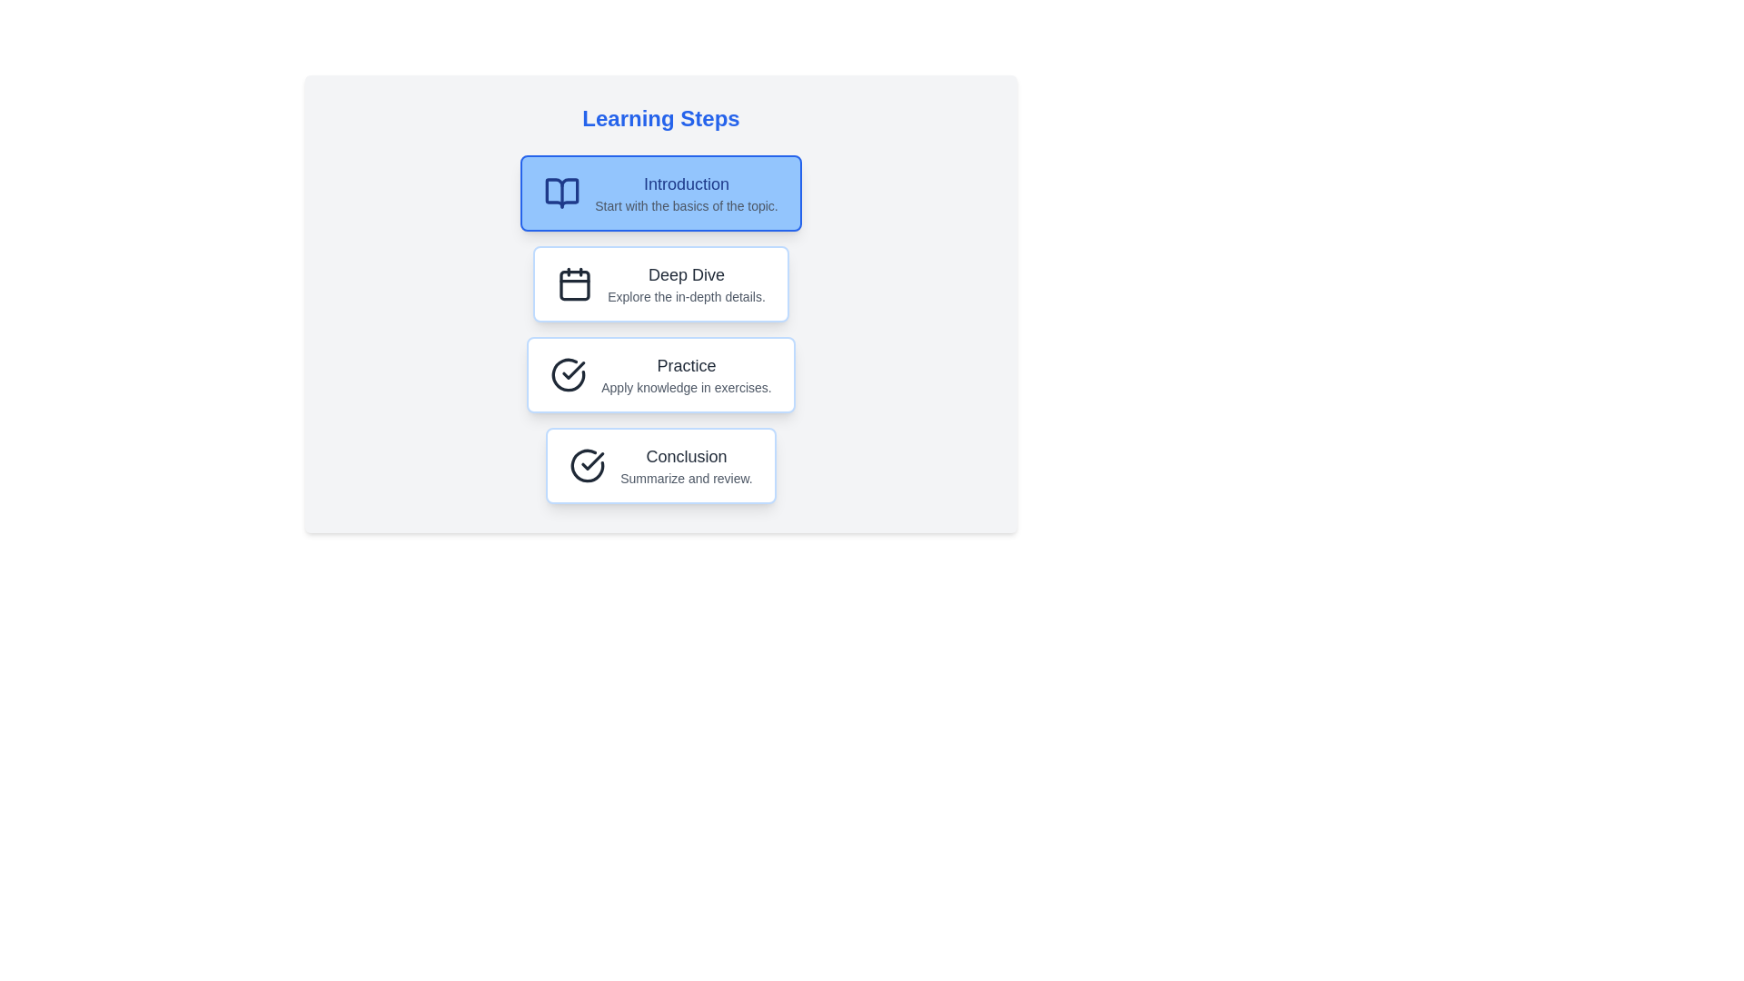 Image resolution: width=1744 pixels, height=981 pixels. Describe the element at coordinates (685, 296) in the screenshot. I see `the descriptive text element that provides context for the 'Deep Dive' header to possibly reveal additional details` at that location.